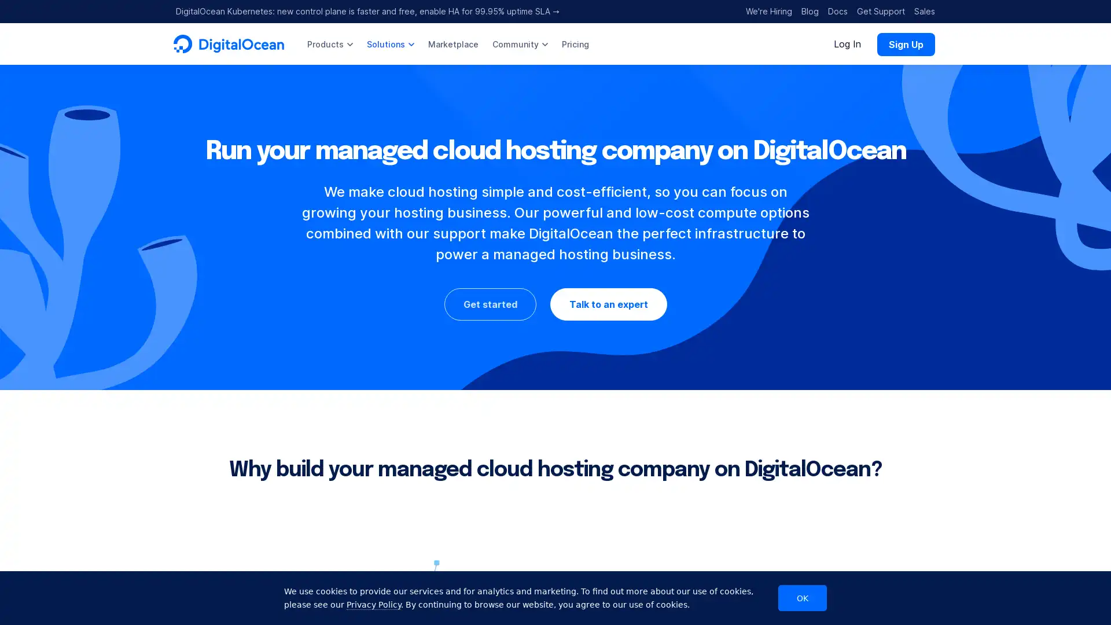 This screenshot has width=1111, height=625. What do you see at coordinates (391, 43) in the screenshot?
I see `Solutions` at bounding box center [391, 43].